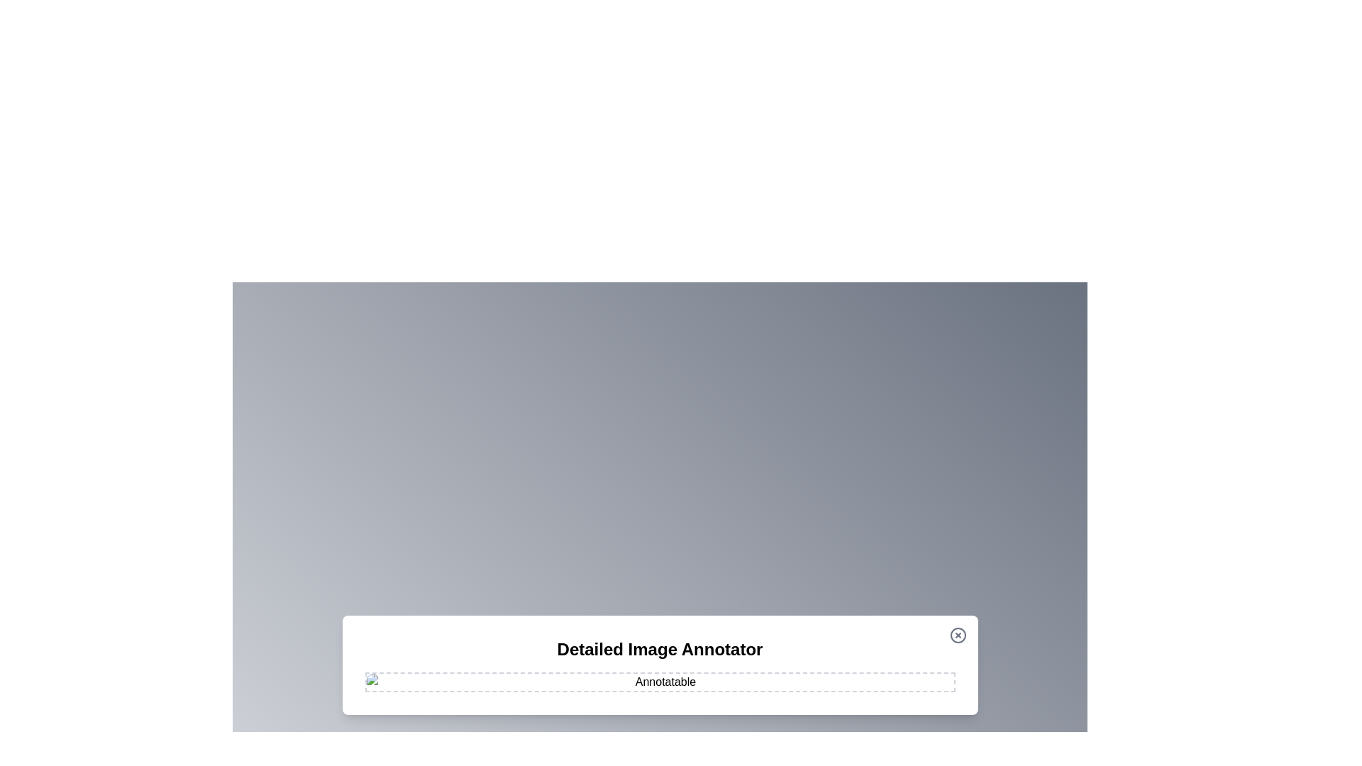 Image resolution: width=1362 pixels, height=766 pixels. I want to click on the image at coordinates (1106, 973) to add an annotation, so click(783, 689).